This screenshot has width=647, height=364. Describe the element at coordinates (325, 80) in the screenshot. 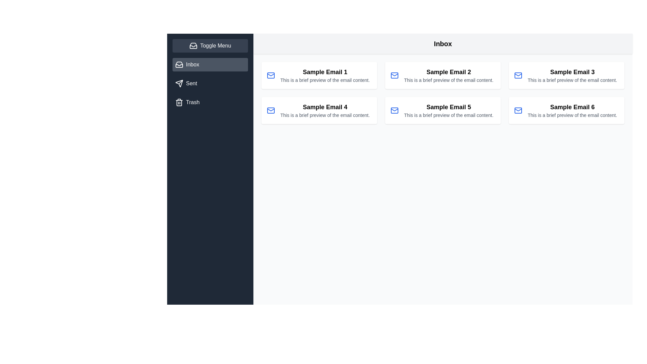

I see `the text label that reads 'This is a brief preview of the email content.' which is located directly beneath the bold title 'Sample Email 1'` at that location.